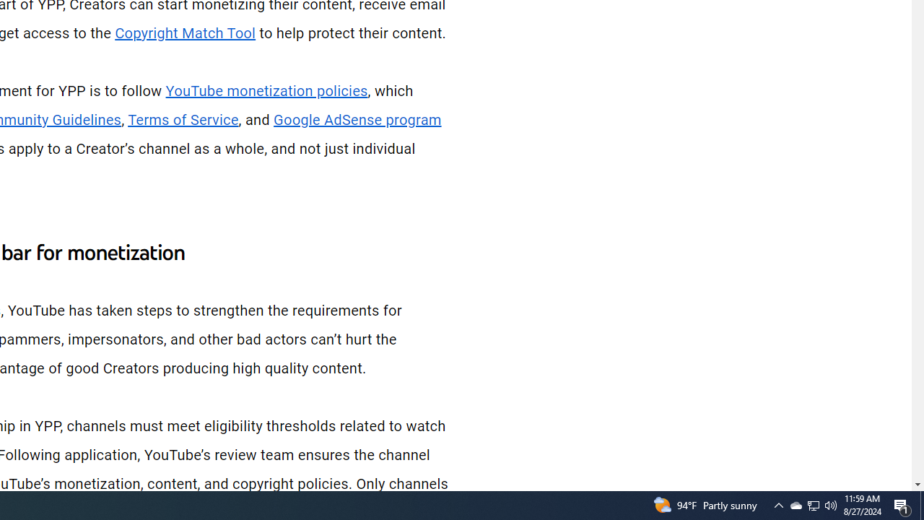  Describe the element at coordinates (266, 91) in the screenshot. I see `'YouTube monetization policies'` at that location.